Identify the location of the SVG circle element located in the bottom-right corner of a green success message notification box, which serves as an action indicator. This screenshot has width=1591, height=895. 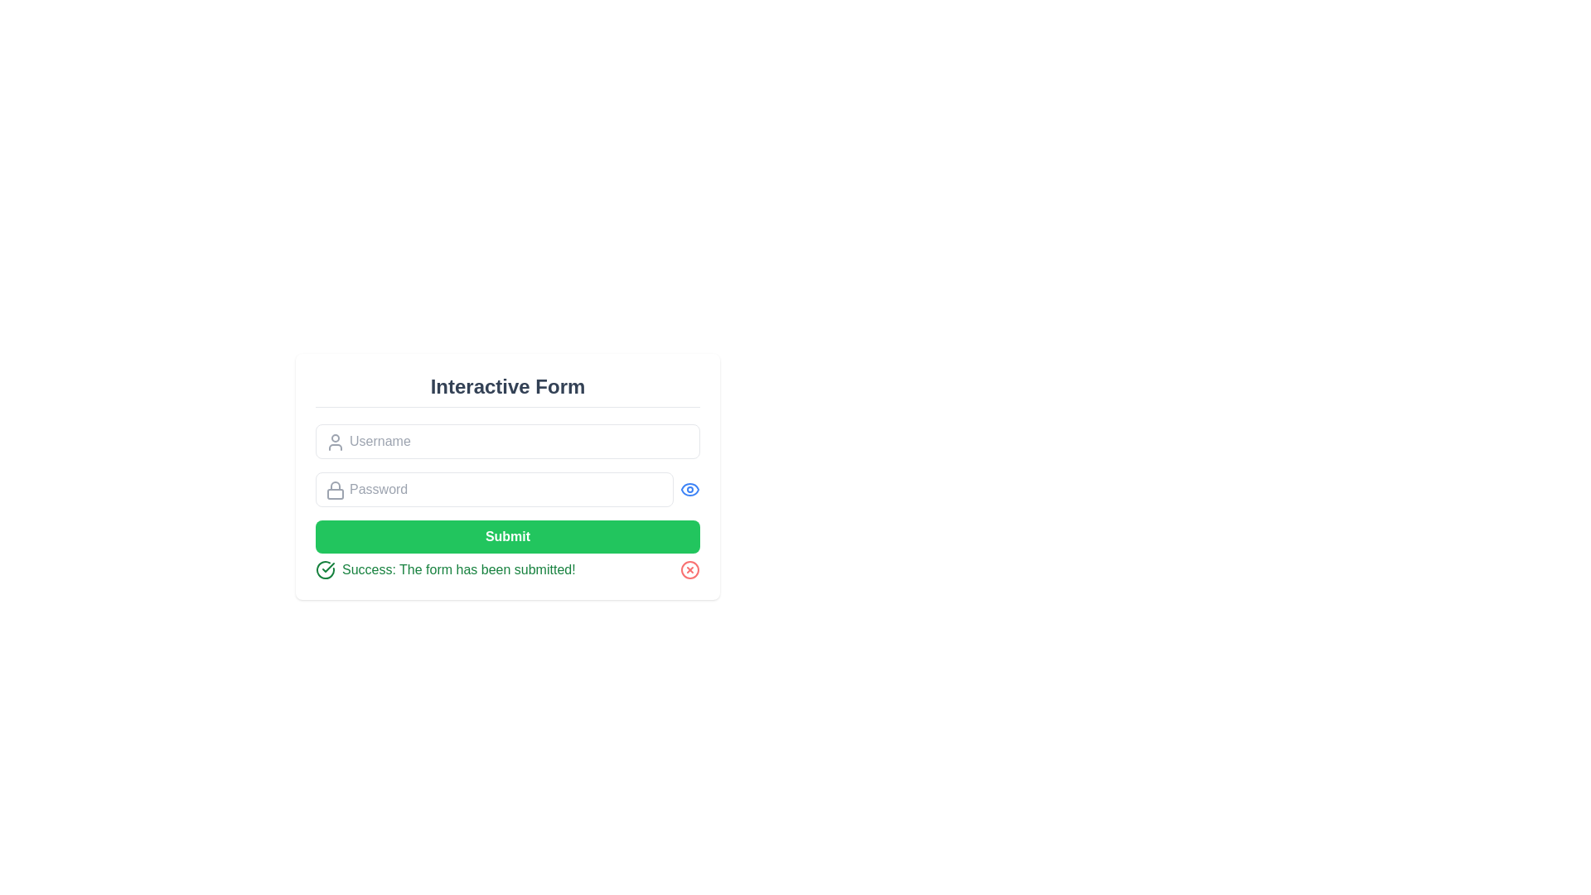
(690, 568).